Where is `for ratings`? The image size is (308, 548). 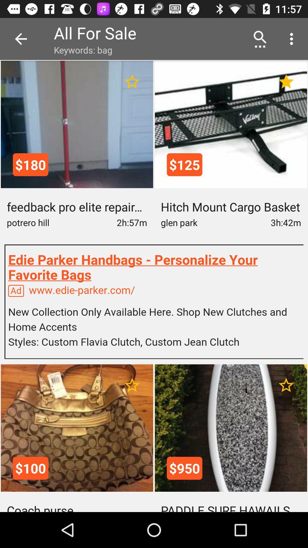
for ratings is located at coordinates (286, 385).